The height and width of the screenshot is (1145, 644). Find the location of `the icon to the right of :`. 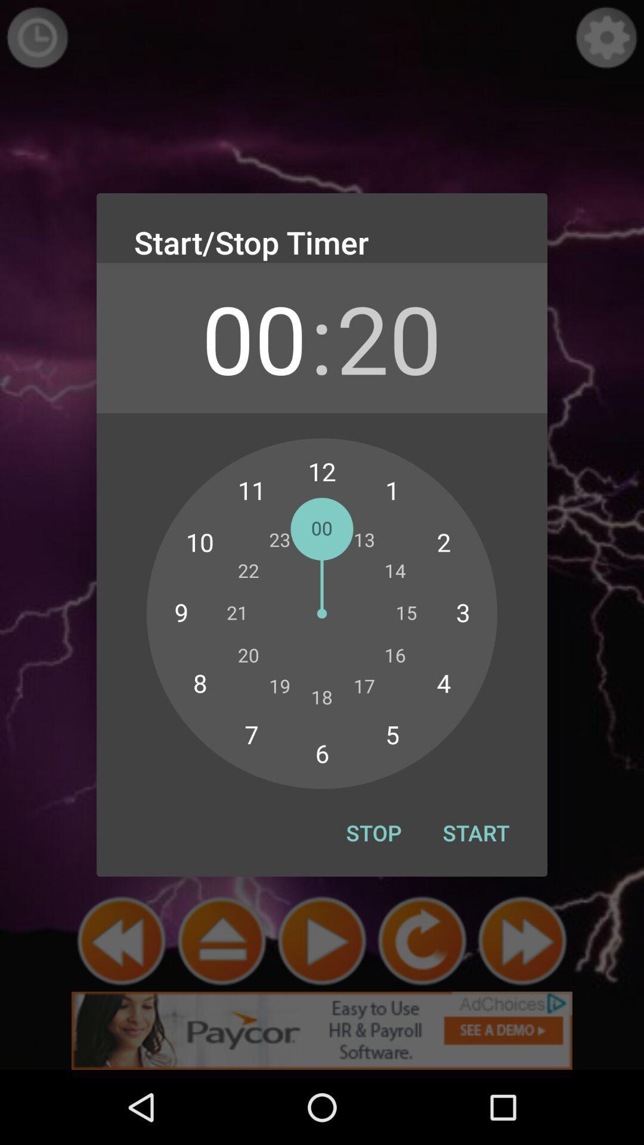

the icon to the right of : is located at coordinates (389, 337).